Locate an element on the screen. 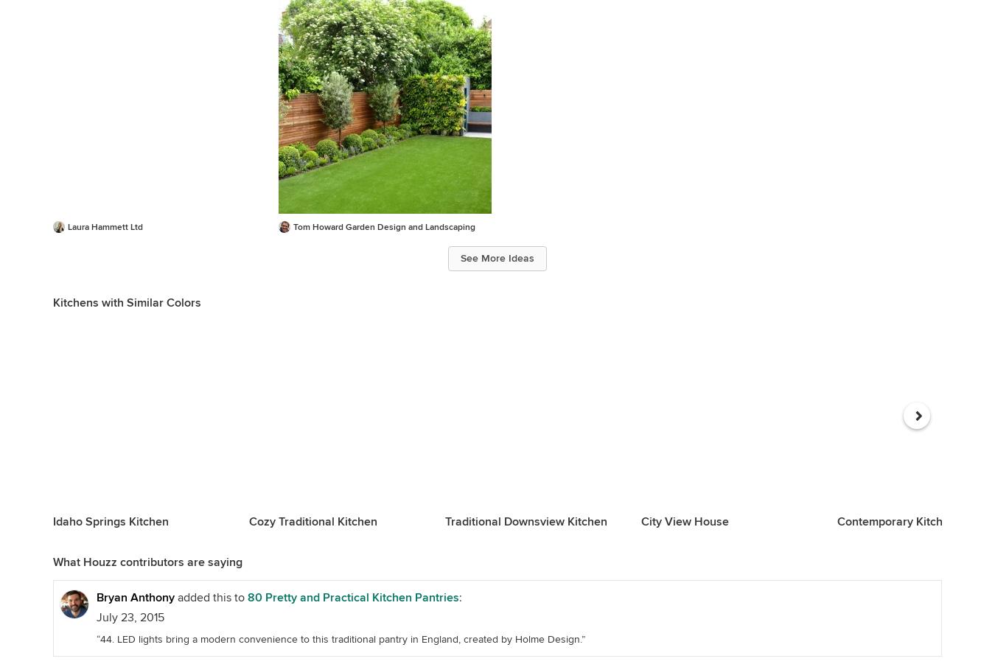  'See More Ideas' is located at coordinates (497, 256).